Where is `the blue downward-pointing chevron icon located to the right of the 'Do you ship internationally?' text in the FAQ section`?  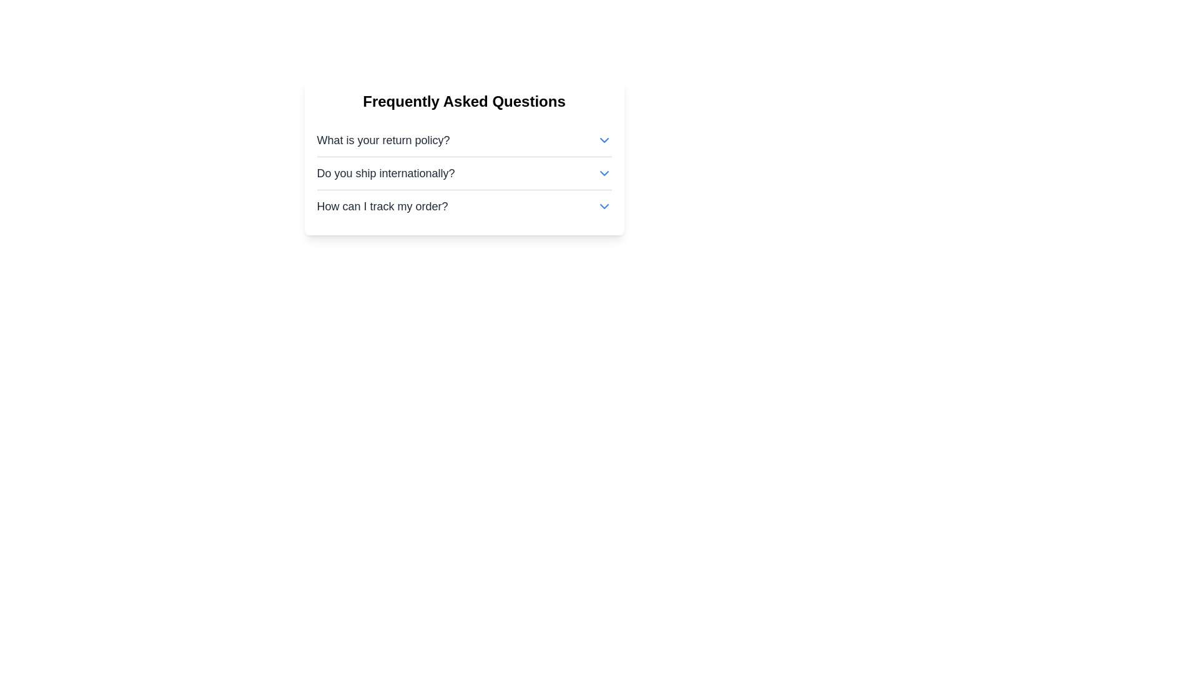
the blue downward-pointing chevron icon located to the right of the 'Do you ship internationally?' text in the FAQ section is located at coordinates (604, 173).